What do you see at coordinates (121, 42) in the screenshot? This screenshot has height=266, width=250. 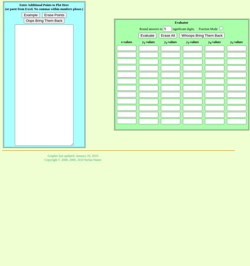 I see `'x'` at bounding box center [121, 42].